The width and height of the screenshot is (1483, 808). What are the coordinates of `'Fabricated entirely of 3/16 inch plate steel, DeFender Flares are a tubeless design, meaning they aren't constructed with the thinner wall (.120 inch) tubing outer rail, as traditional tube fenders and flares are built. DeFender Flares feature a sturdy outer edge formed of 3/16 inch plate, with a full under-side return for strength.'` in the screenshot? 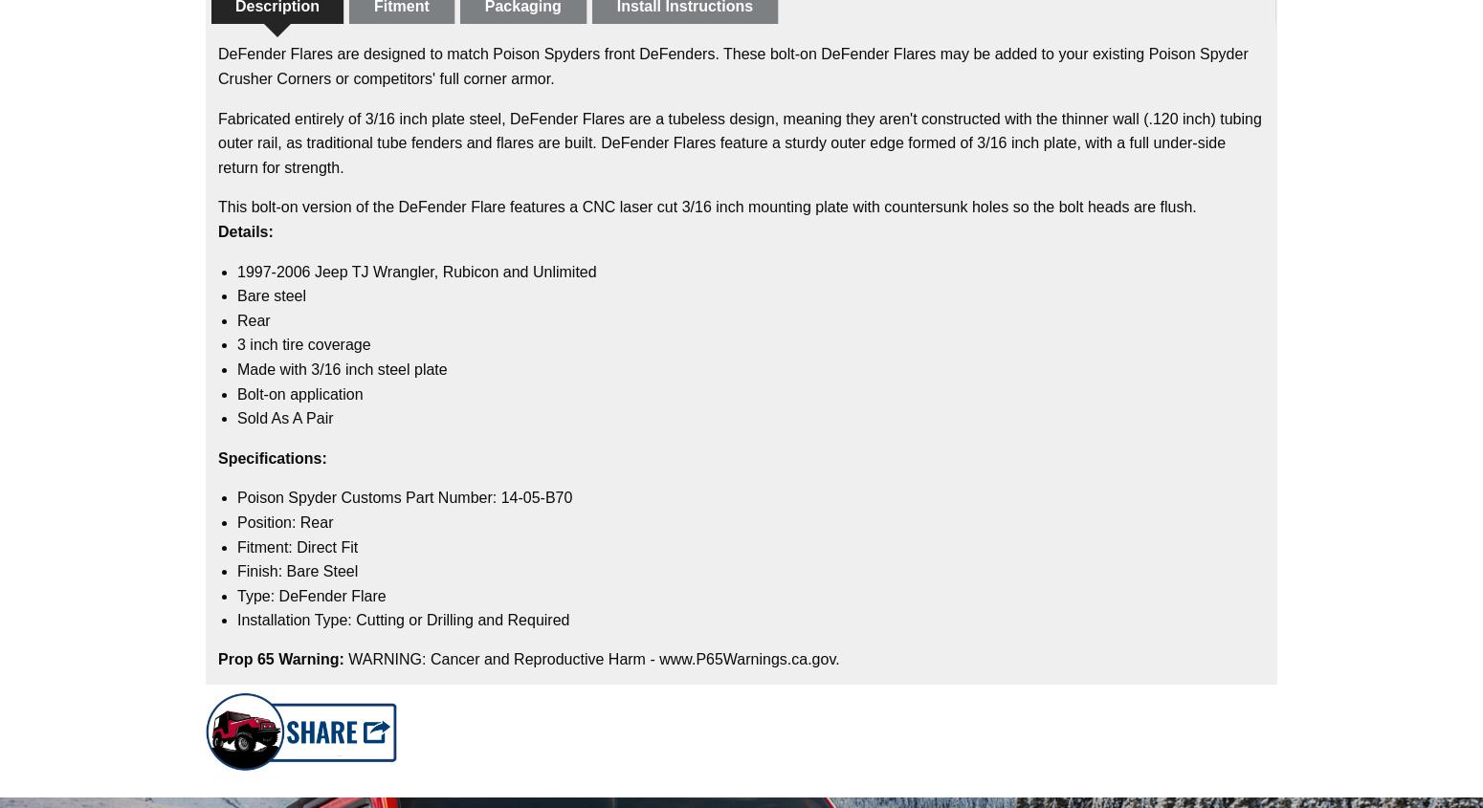 It's located at (739, 142).